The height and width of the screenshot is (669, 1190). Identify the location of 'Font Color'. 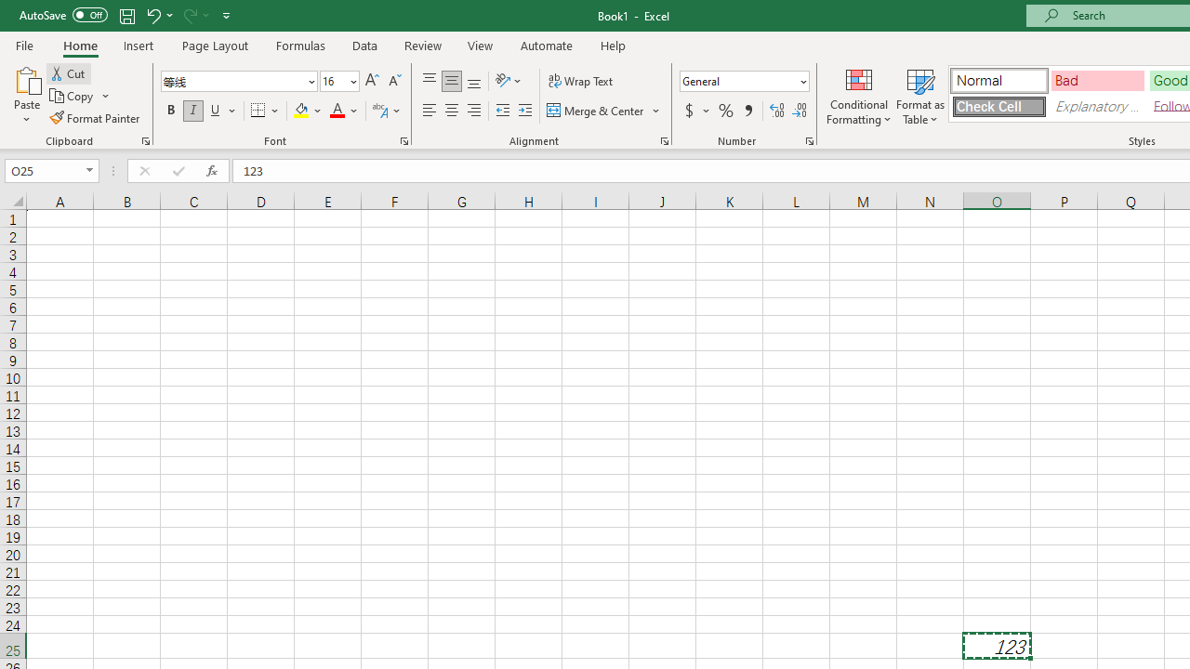
(344, 111).